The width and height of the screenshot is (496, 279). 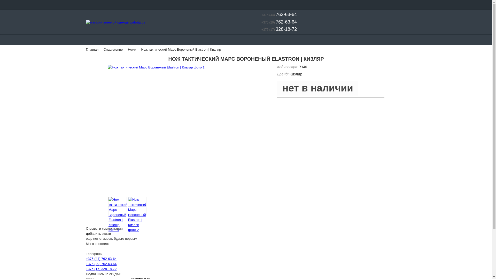 What do you see at coordinates (275, 14) in the screenshot?
I see `'+375 (44) 762-63-64'` at bounding box center [275, 14].